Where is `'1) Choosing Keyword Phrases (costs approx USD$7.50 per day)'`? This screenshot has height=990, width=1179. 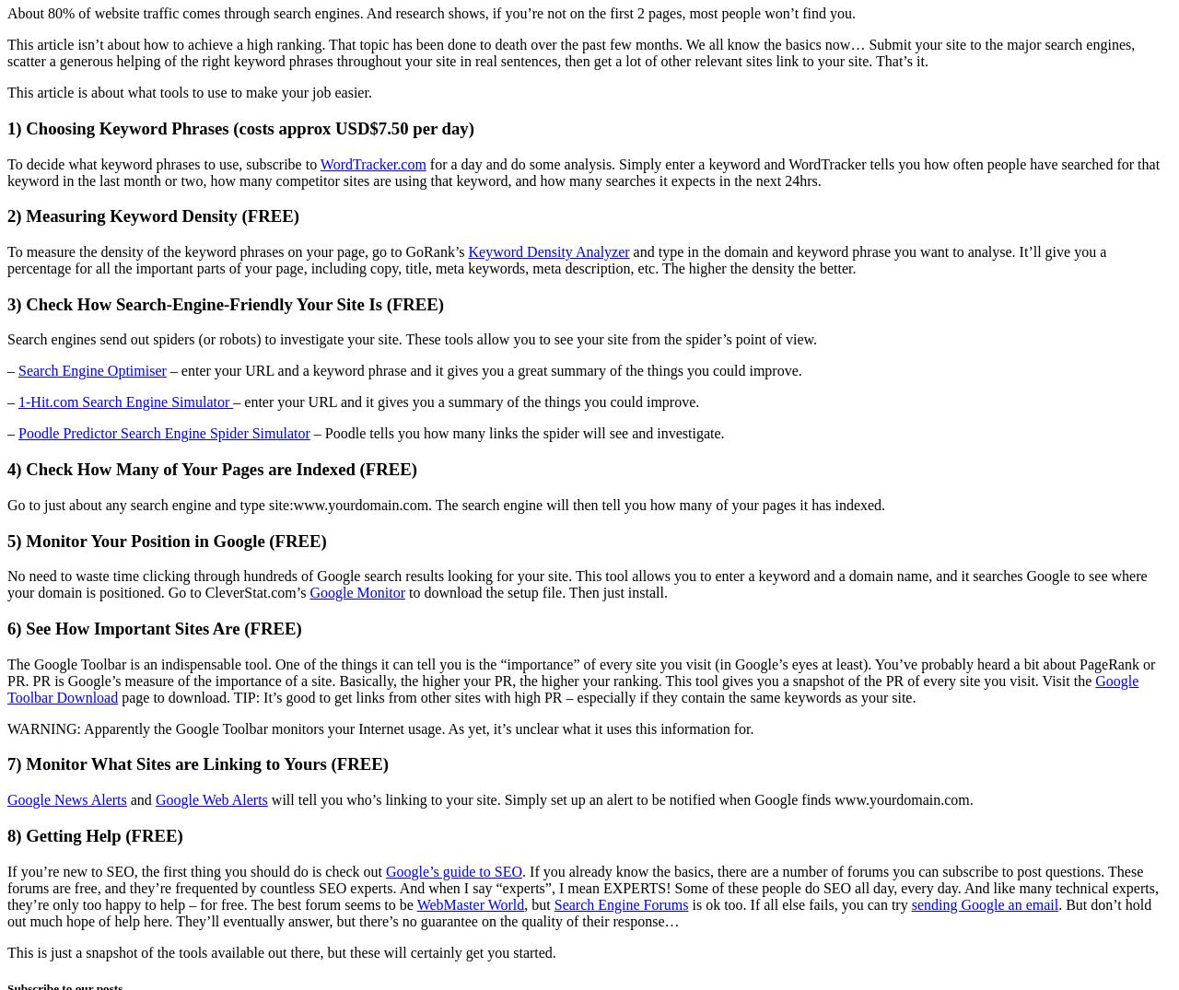 '1) Choosing Keyword Phrases (costs approx USD$7.50 per day)' is located at coordinates (239, 126).